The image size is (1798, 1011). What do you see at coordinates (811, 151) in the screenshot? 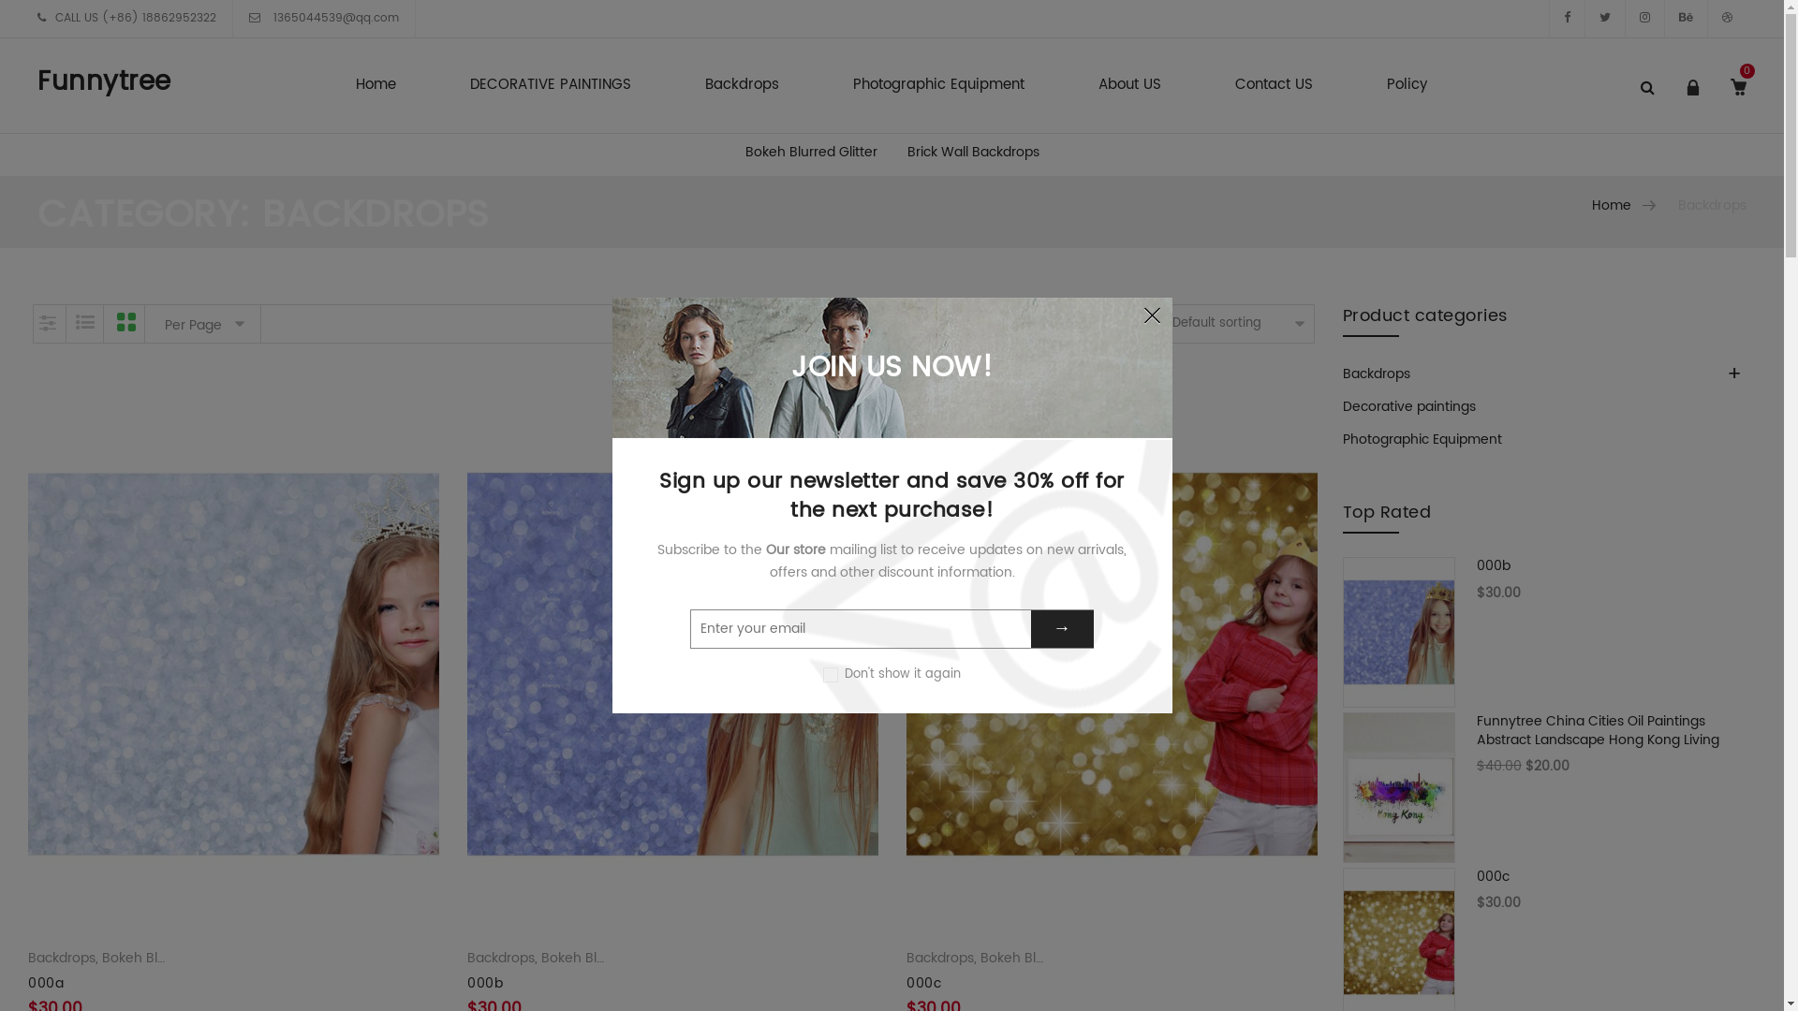
I see `'Bokeh Blurred Glitter'` at bounding box center [811, 151].